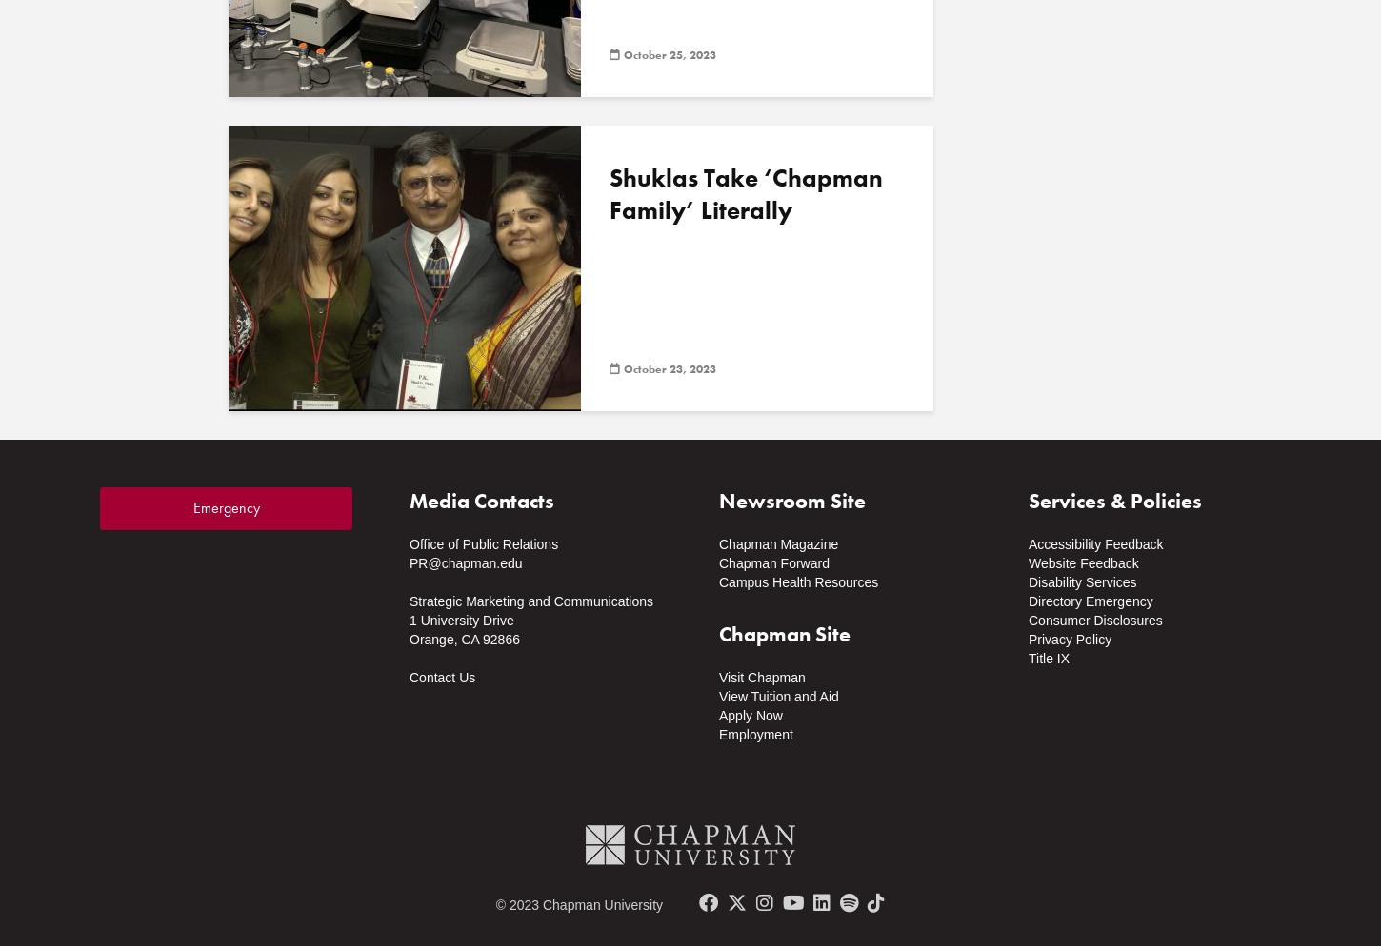 This screenshot has width=1381, height=946. What do you see at coordinates (441, 678) in the screenshot?
I see `'Contact Us'` at bounding box center [441, 678].